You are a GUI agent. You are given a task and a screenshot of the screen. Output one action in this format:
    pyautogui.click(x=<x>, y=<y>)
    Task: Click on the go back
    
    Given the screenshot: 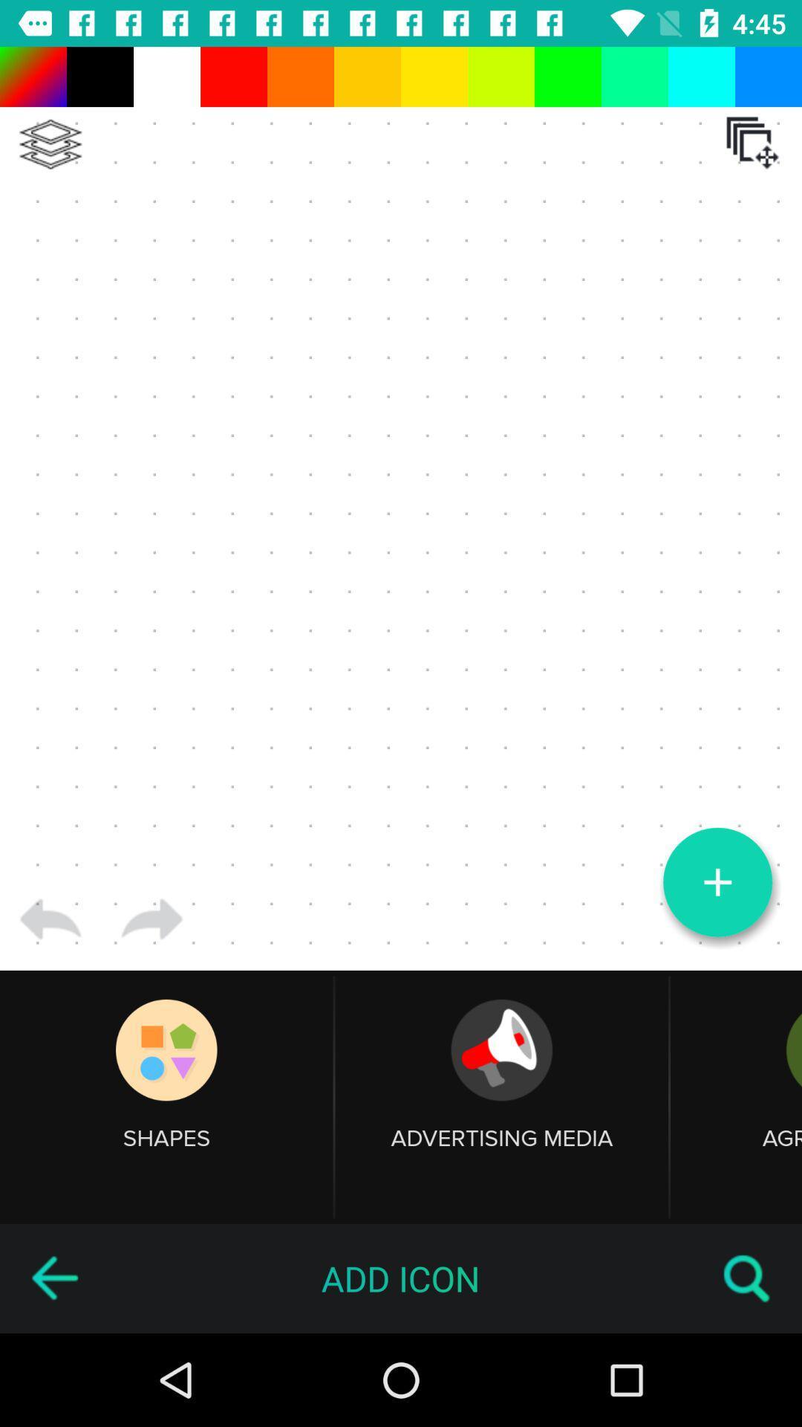 What is the action you would take?
    pyautogui.click(x=53, y=1278)
    